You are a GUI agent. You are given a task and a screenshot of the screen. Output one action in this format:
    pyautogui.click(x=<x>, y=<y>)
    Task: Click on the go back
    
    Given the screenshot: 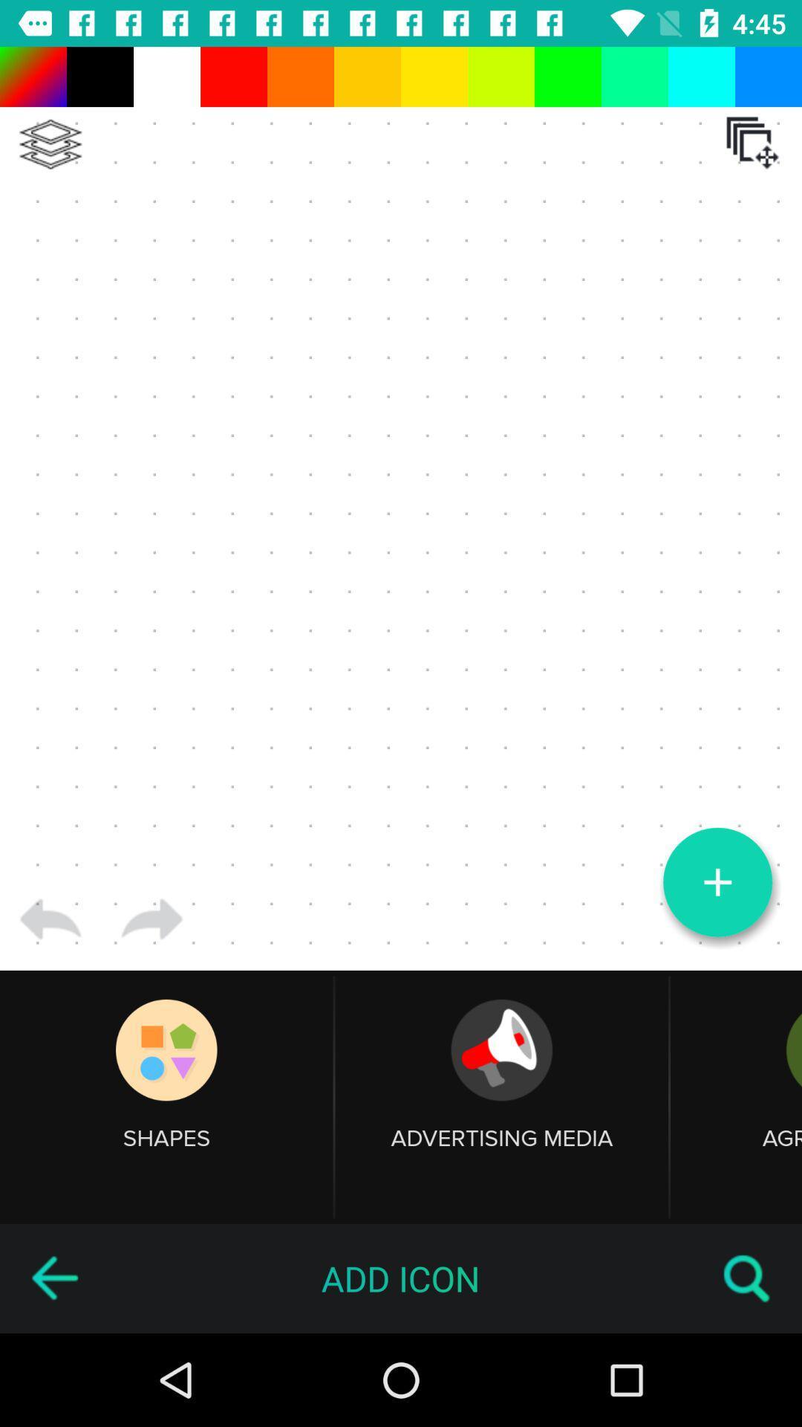 What is the action you would take?
    pyautogui.click(x=53, y=1278)
    